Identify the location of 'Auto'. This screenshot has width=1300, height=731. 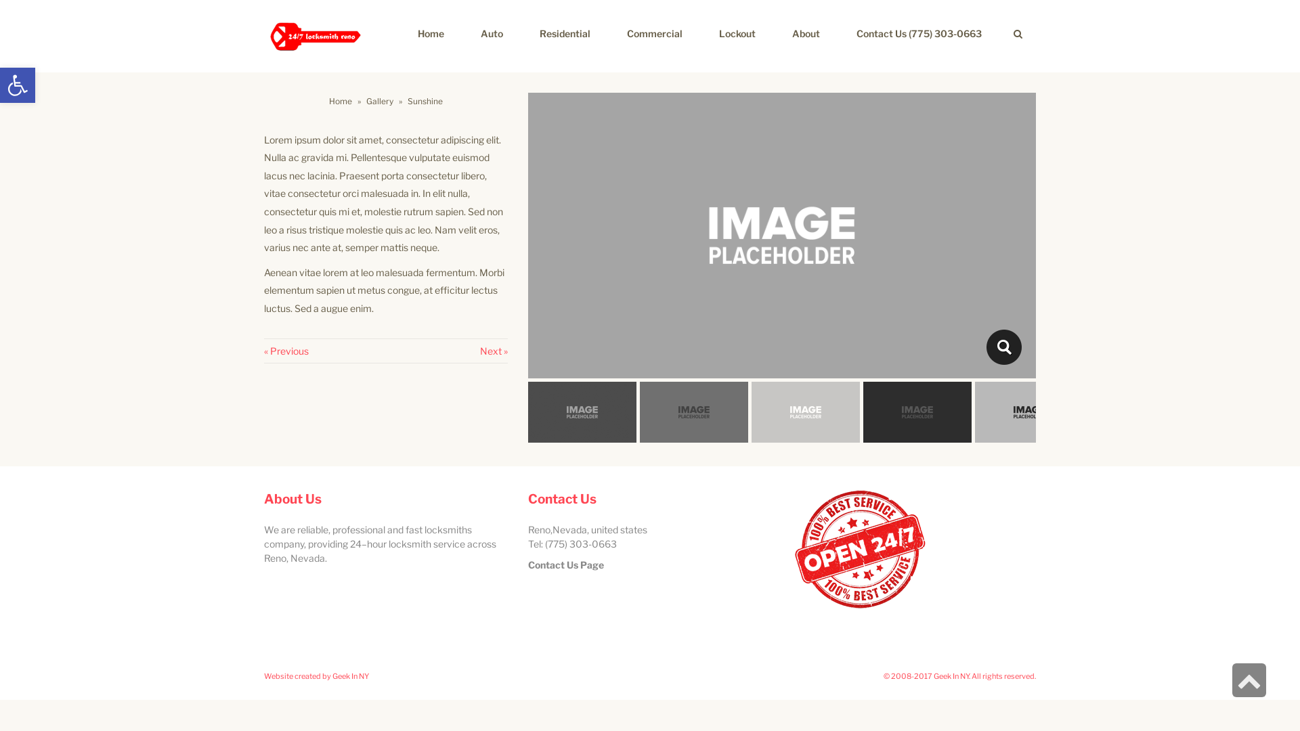
(462, 33).